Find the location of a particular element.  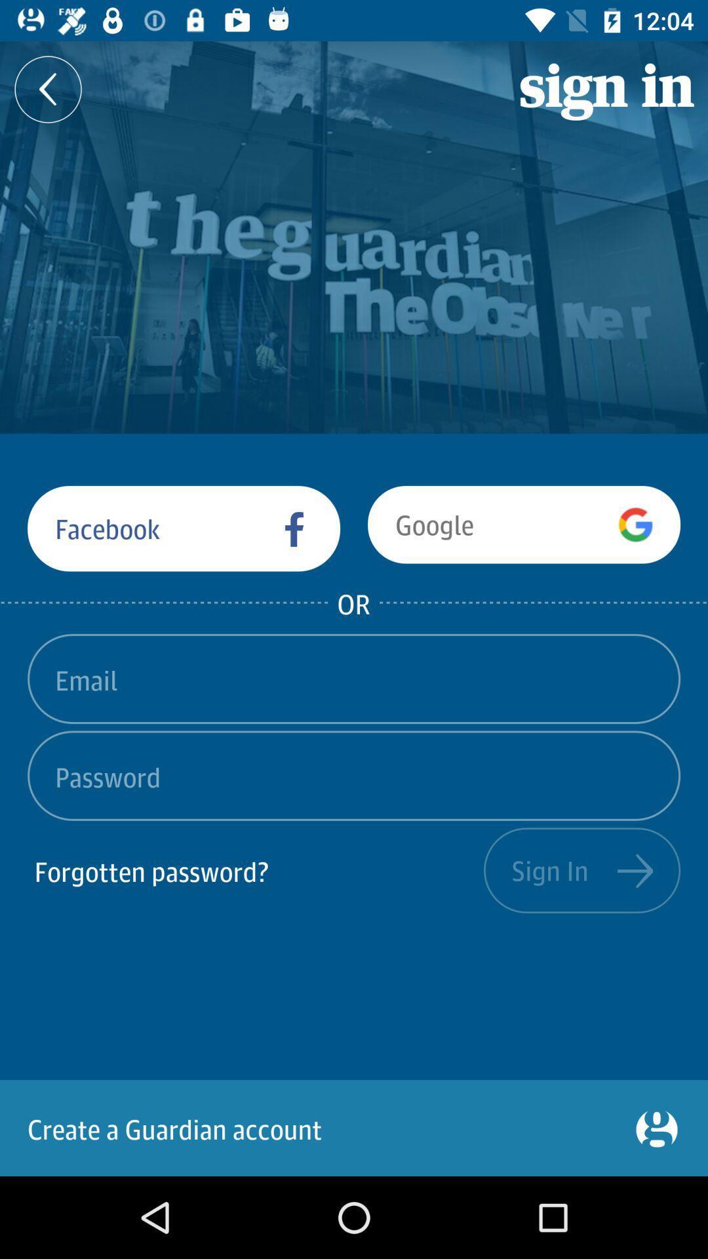

icon above the create a guardian icon is located at coordinates (255, 870).